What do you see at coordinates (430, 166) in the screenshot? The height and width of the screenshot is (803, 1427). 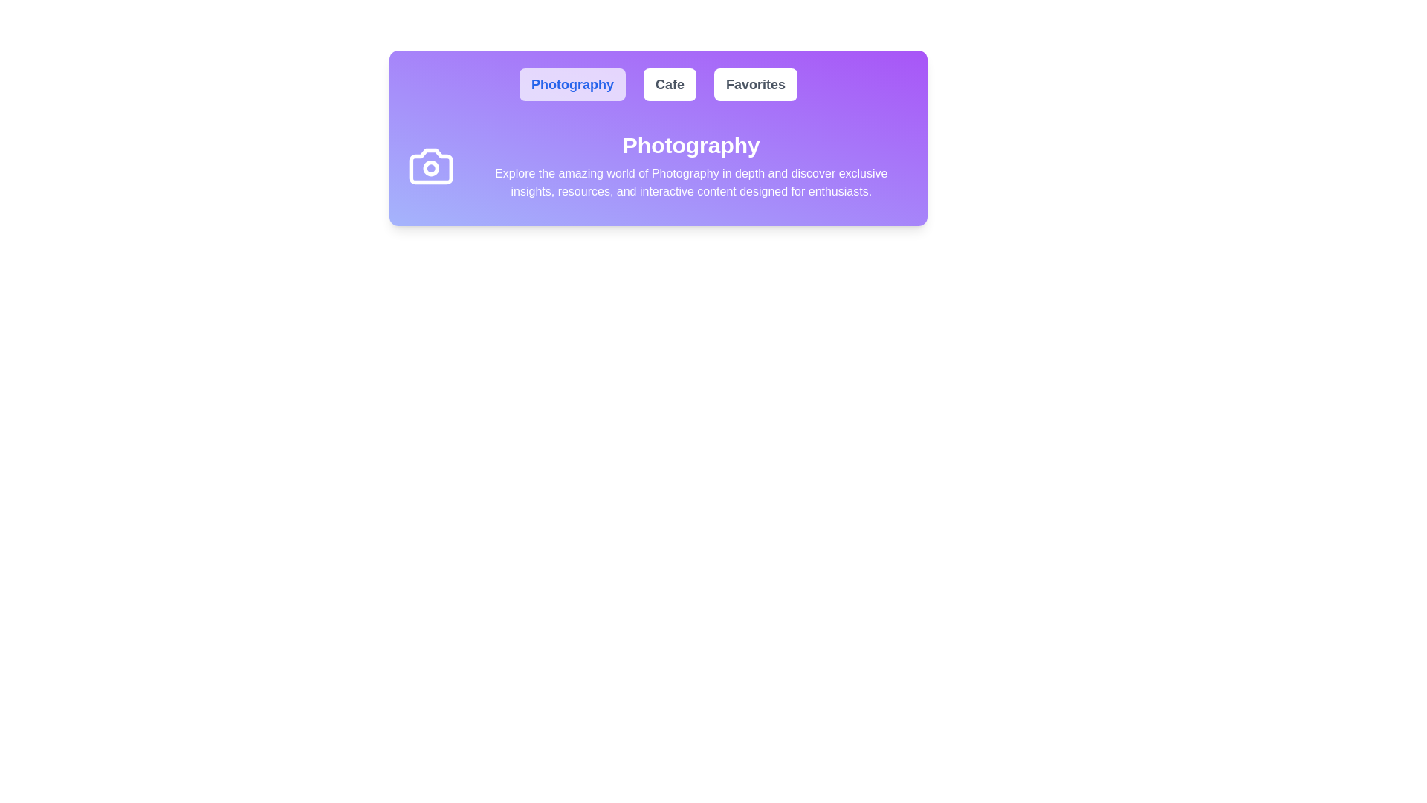 I see `the camera icon with a white outline against a purple background, located to the left of the 'Photography' heading` at bounding box center [430, 166].